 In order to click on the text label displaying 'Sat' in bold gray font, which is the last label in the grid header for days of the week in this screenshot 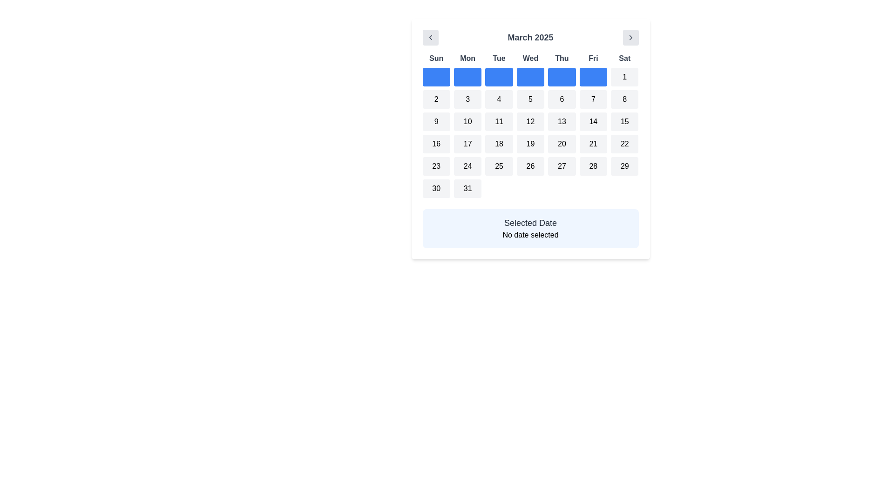, I will do `click(624, 59)`.